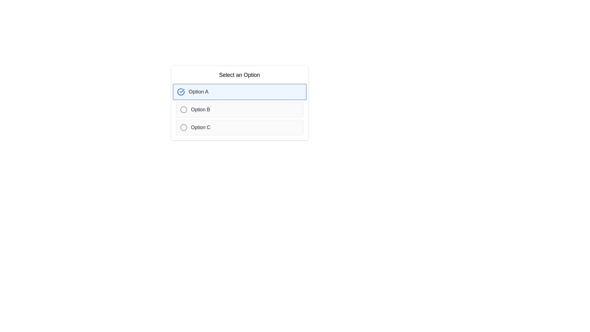  I want to click on the Circle graphical element representing a radio button next to 'Option B', so click(183, 109).